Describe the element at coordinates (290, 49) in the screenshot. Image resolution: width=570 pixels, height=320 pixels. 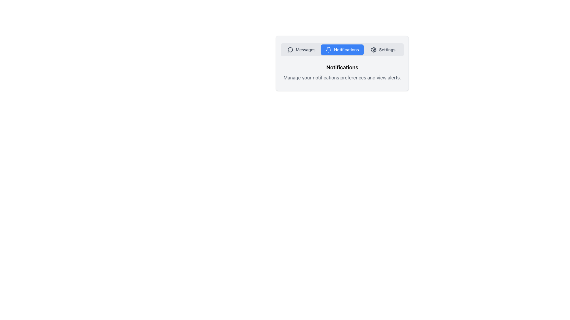
I see `the decorative icon representing messaging functionality located to the left of the 'Messages' text in the 'Messages' navigation button` at that location.